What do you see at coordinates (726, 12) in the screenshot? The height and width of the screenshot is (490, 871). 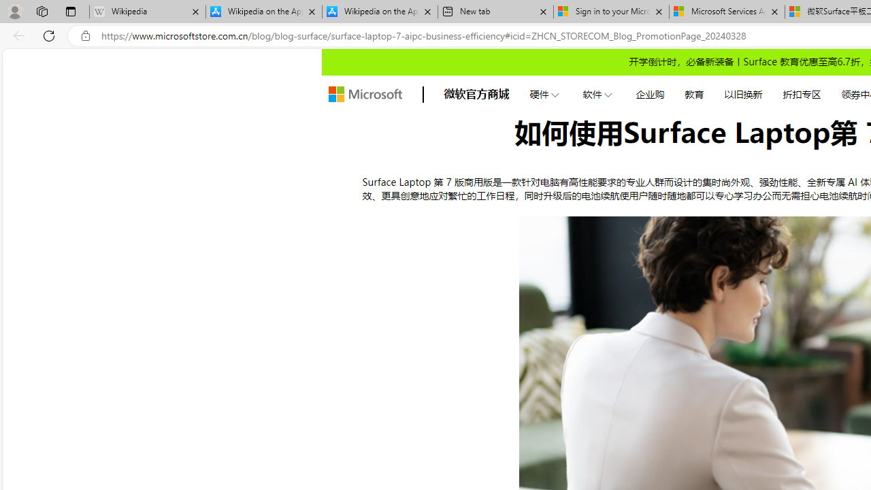 I see `'Microsoft Services Agreement'` at bounding box center [726, 12].